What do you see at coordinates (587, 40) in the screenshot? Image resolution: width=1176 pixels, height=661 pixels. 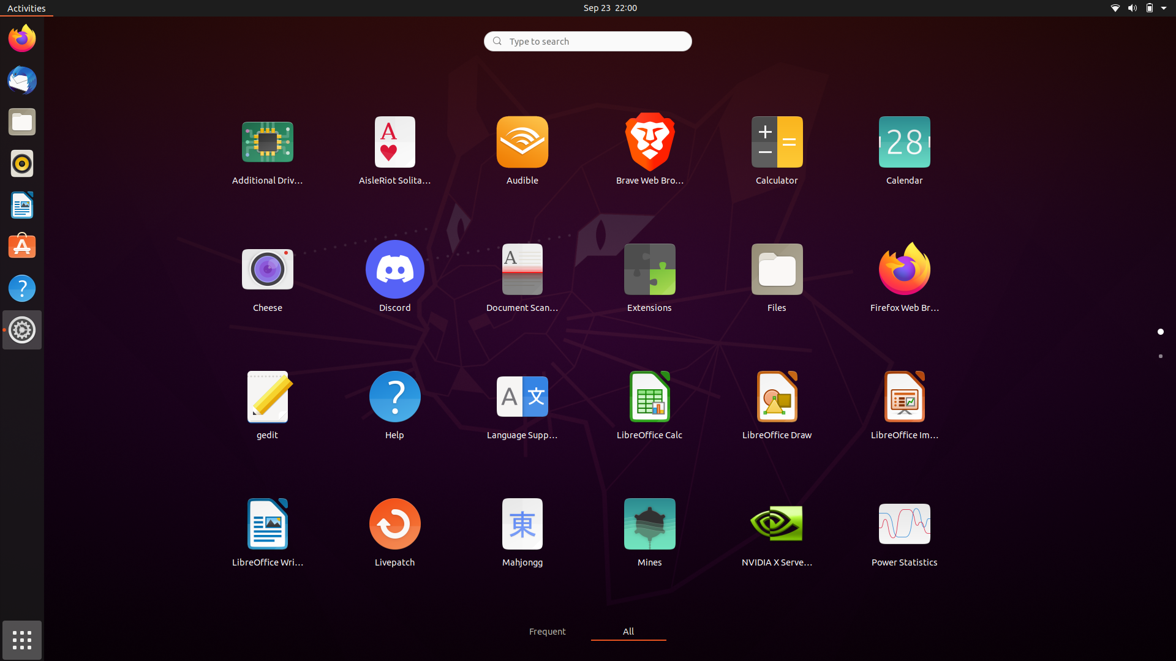 I see `search for "Google` at bounding box center [587, 40].